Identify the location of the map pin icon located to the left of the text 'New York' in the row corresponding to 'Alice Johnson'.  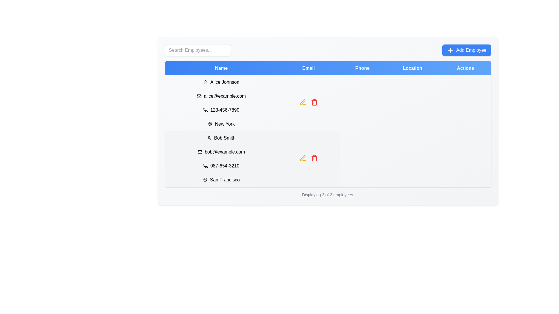
(210, 124).